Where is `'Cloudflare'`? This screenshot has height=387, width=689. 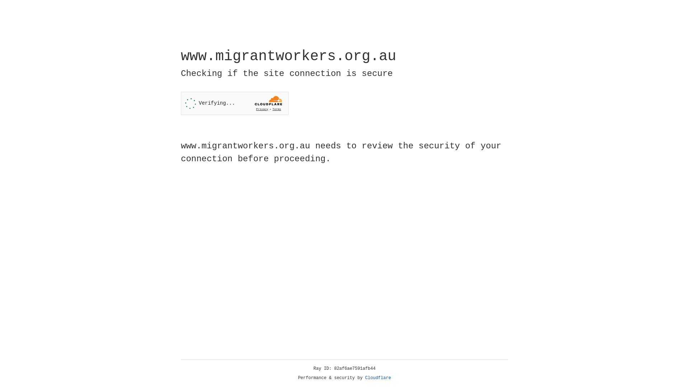
'Cloudflare' is located at coordinates (378, 378).